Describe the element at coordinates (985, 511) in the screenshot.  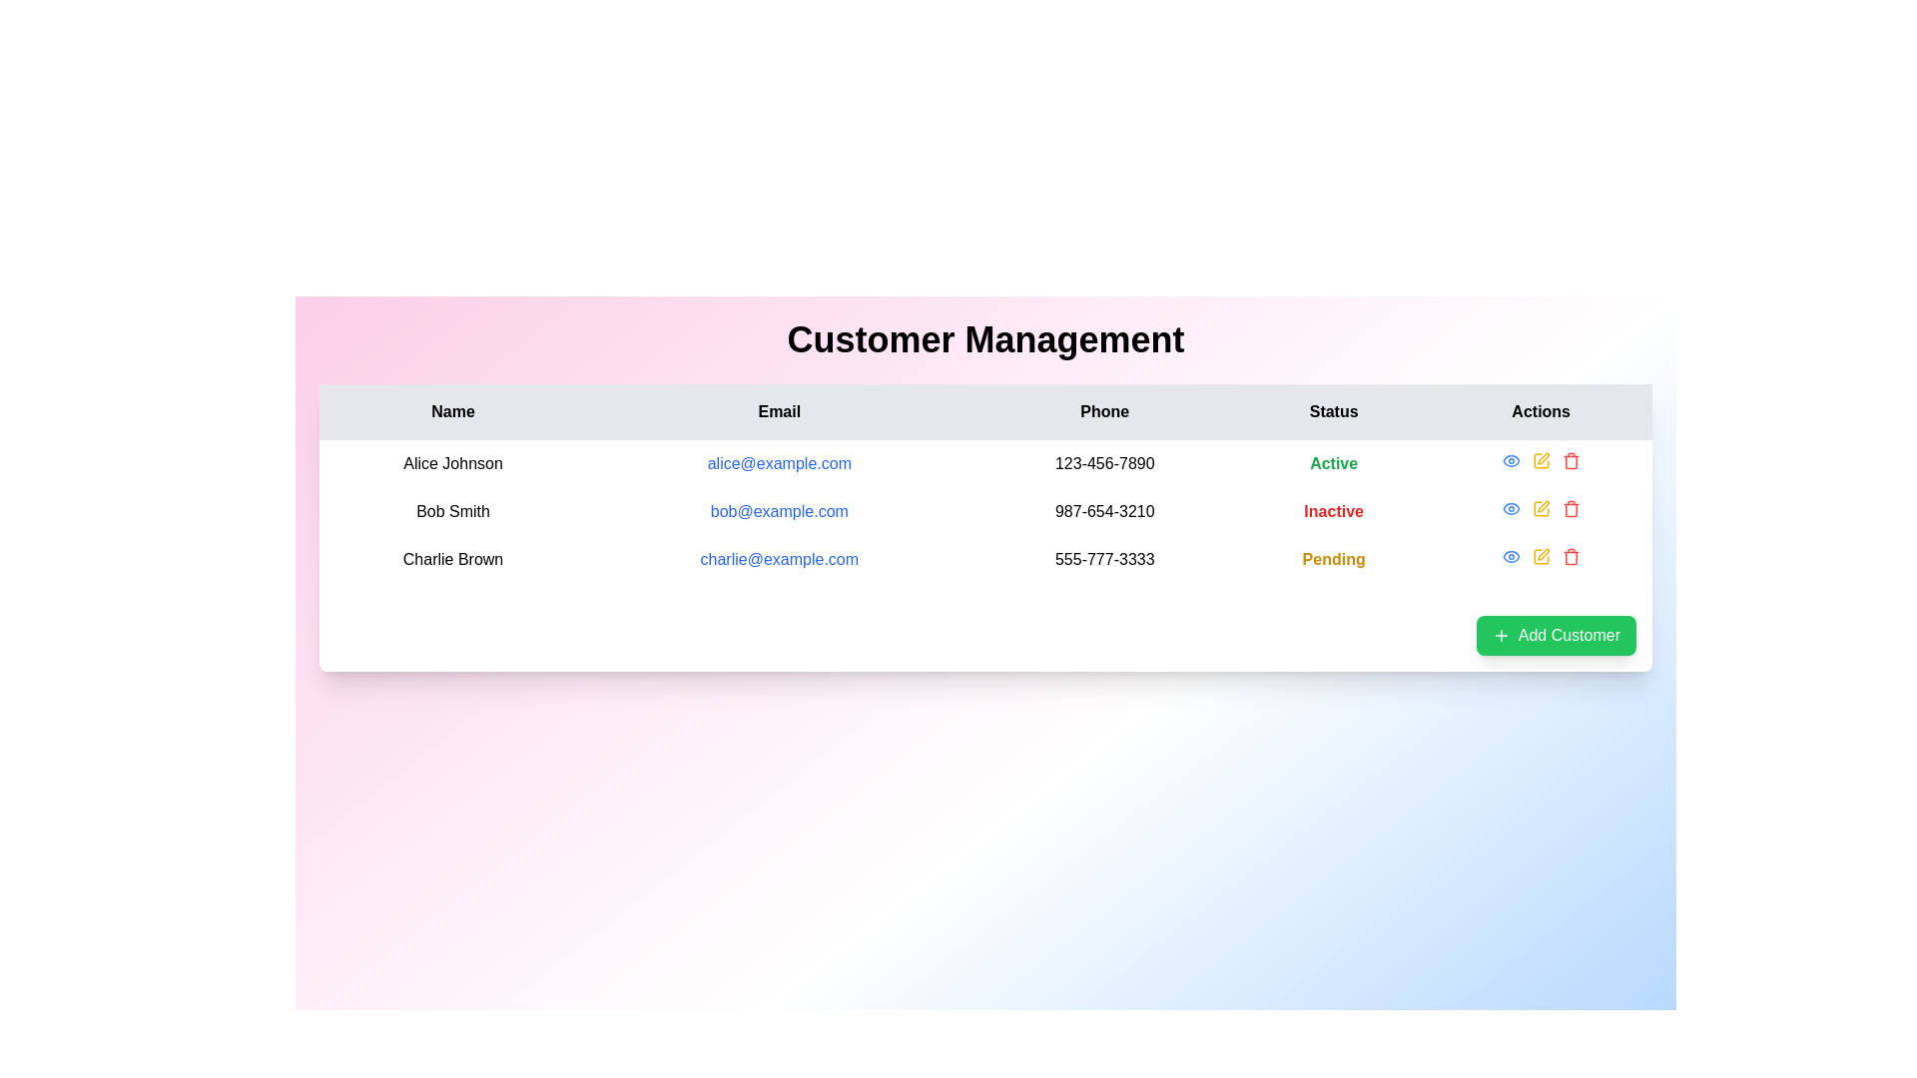
I see `the displayed user details in the second row of the table, which includes the name 'Bob Smith', email 'bob@example.com', phone number '987-654-3210', and status 'Inactive'` at that location.